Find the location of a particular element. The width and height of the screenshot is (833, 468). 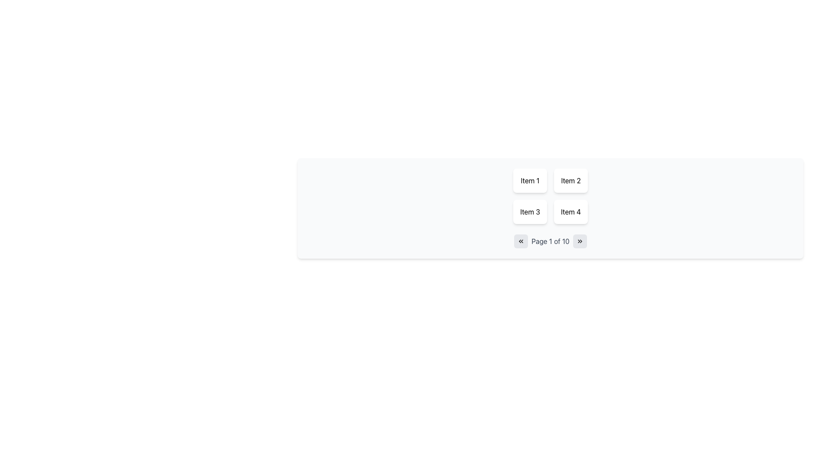

the double-chevron left button in the pagination control bar is located at coordinates (521, 241).